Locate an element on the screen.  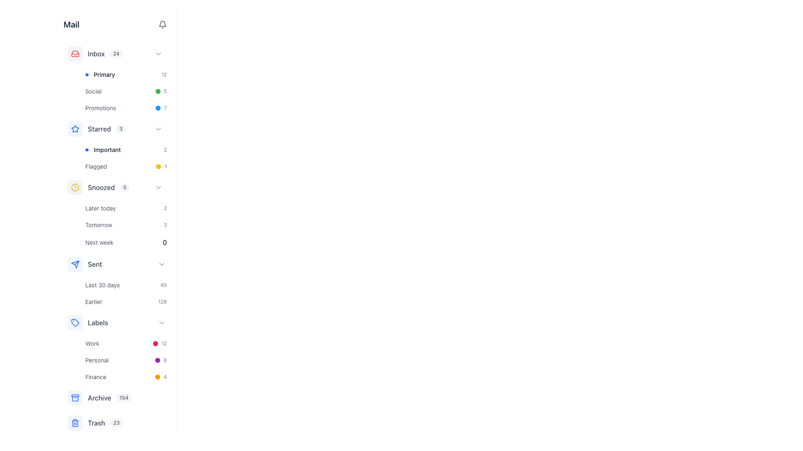
the 'Finance' category button, the third item in the vertically stacked list of categories under 'Labels' is located at coordinates (125, 377).